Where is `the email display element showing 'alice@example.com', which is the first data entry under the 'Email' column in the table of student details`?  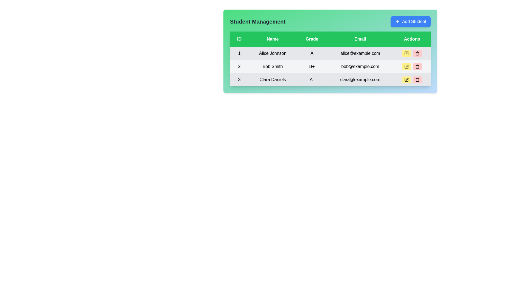 the email display element showing 'alice@example.com', which is the first data entry under the 'Email' column in the table of student details is located at coordinates (360, 53).